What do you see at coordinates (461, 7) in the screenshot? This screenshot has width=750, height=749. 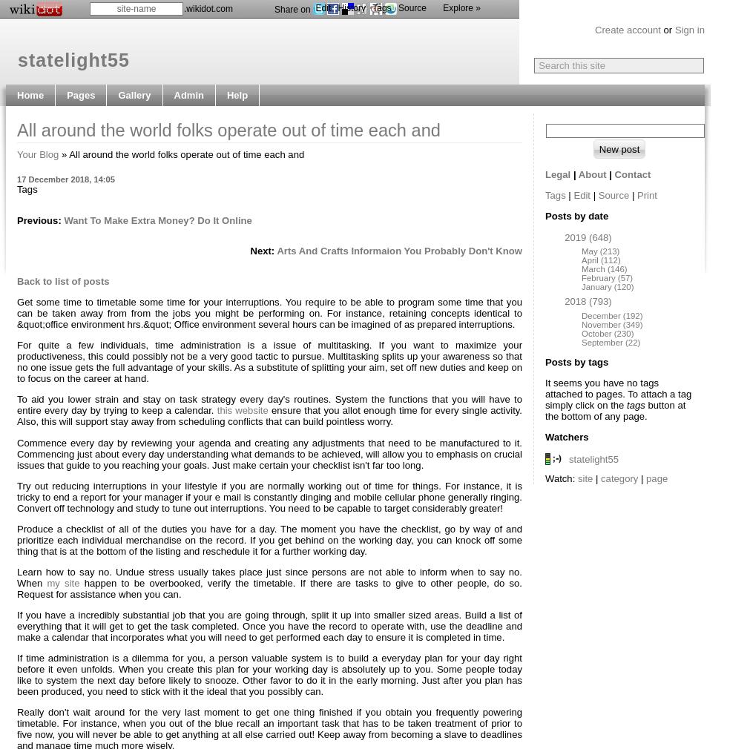 I see `'Explore »'` at bounding box center [461, 7].